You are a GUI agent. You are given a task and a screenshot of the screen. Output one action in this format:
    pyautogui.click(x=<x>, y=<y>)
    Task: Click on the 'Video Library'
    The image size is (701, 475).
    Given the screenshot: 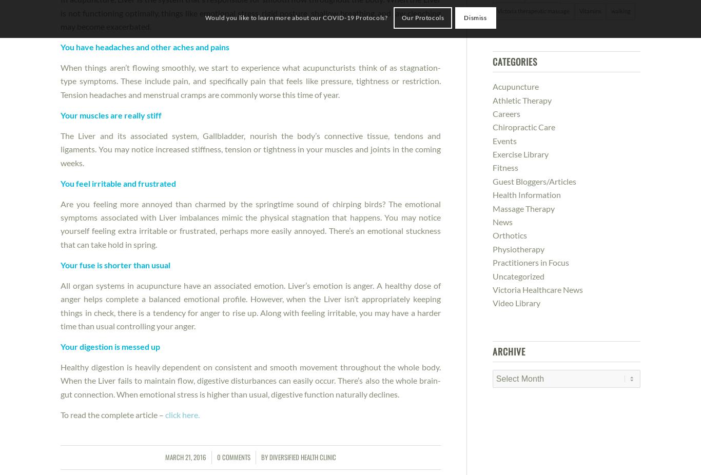 What is the action you would take?
    pyautogui.click(x=492, y=302)
    